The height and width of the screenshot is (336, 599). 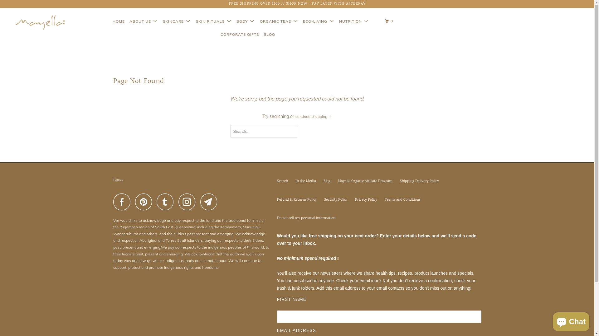 I want to click on 'BLOG', so click(x=269, y=35).